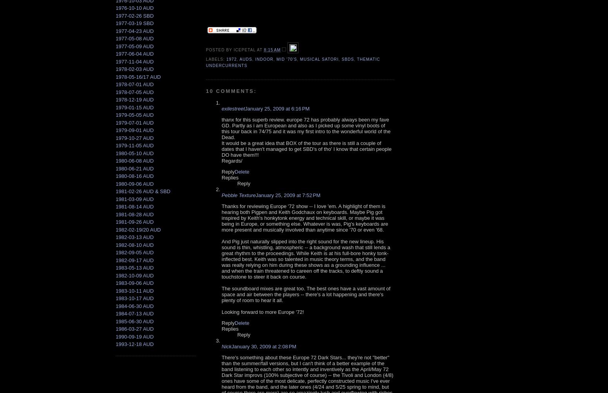  I want to click on '1981-03-09 AUD', so click(134, 198).